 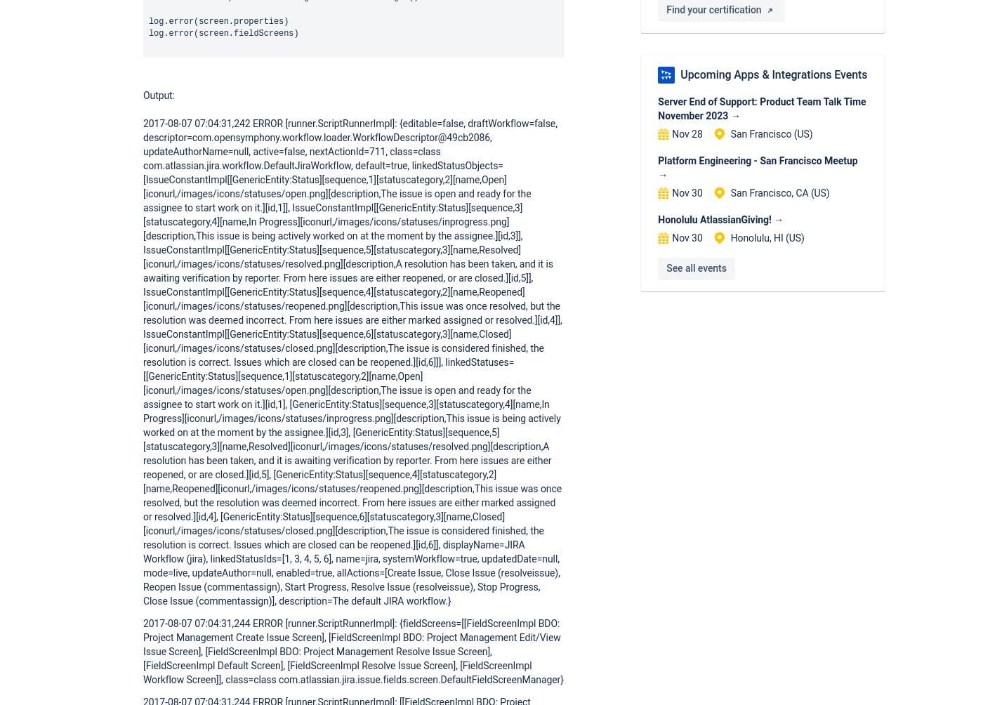 I want to click on 'Find your certification', so click(x=666, y=9).